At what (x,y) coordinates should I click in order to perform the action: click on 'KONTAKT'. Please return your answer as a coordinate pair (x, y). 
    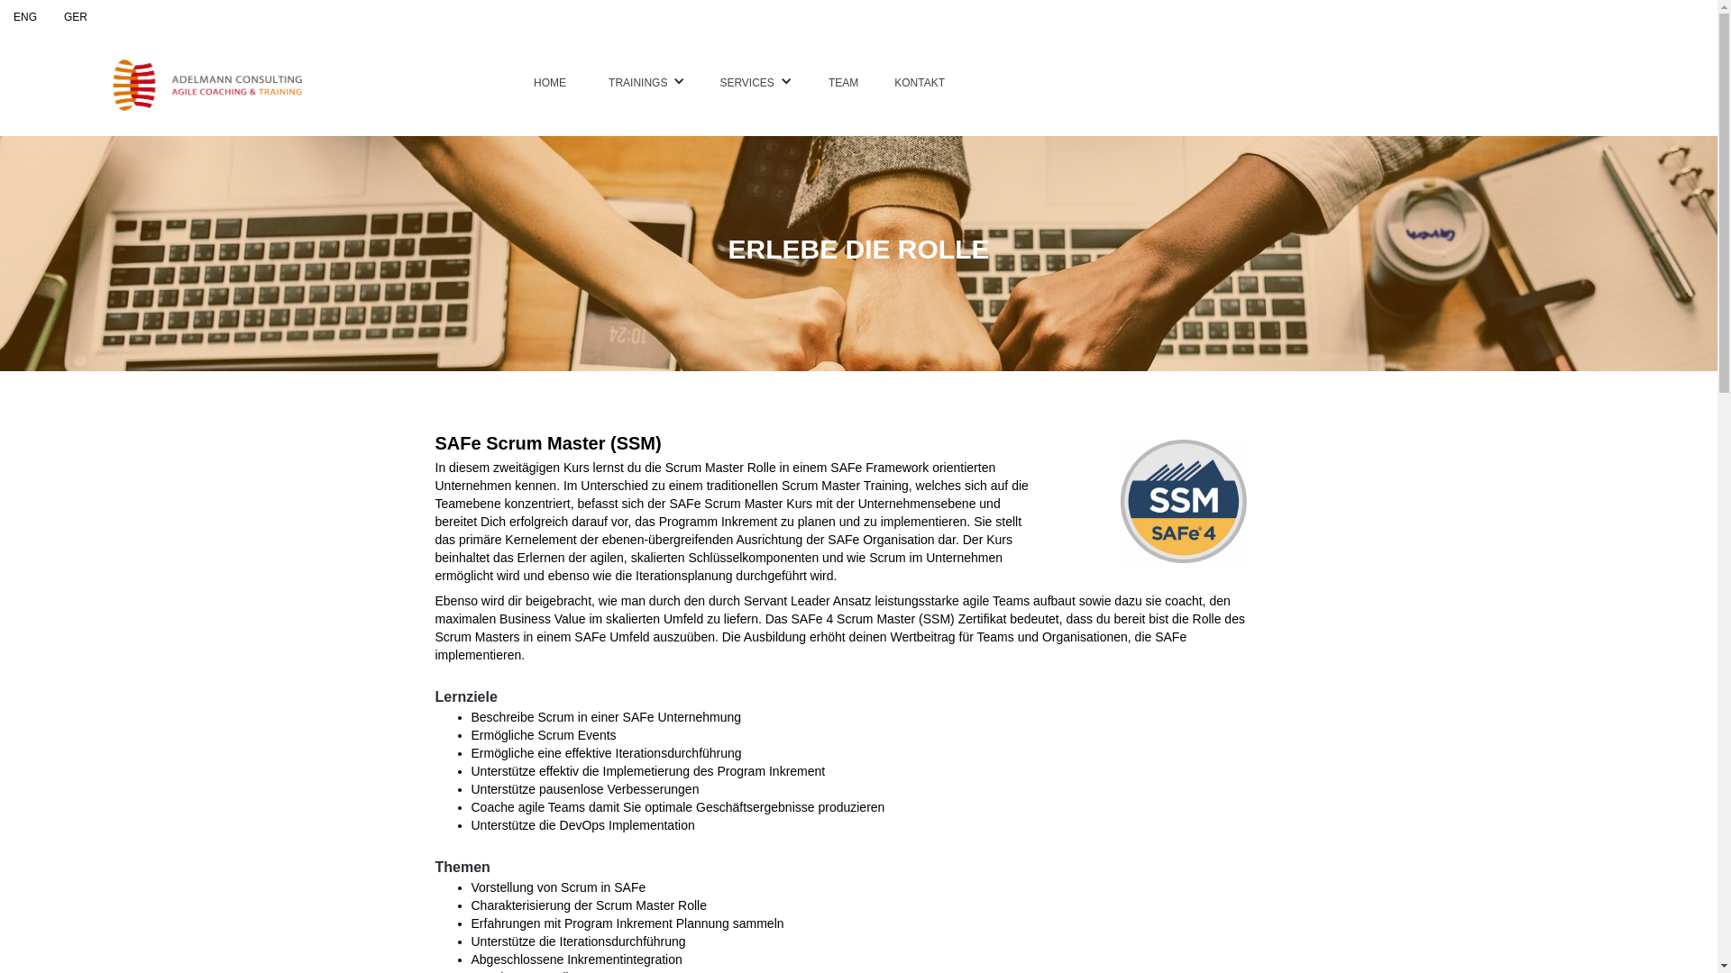
    Looking at the image, I should click on (894, 83).